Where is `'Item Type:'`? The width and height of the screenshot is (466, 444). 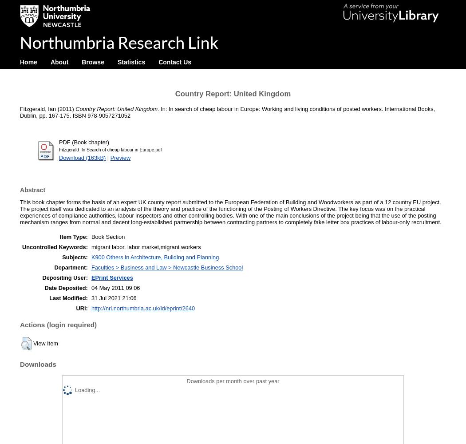
'Item Type:' is located at coordinates (73, 237).